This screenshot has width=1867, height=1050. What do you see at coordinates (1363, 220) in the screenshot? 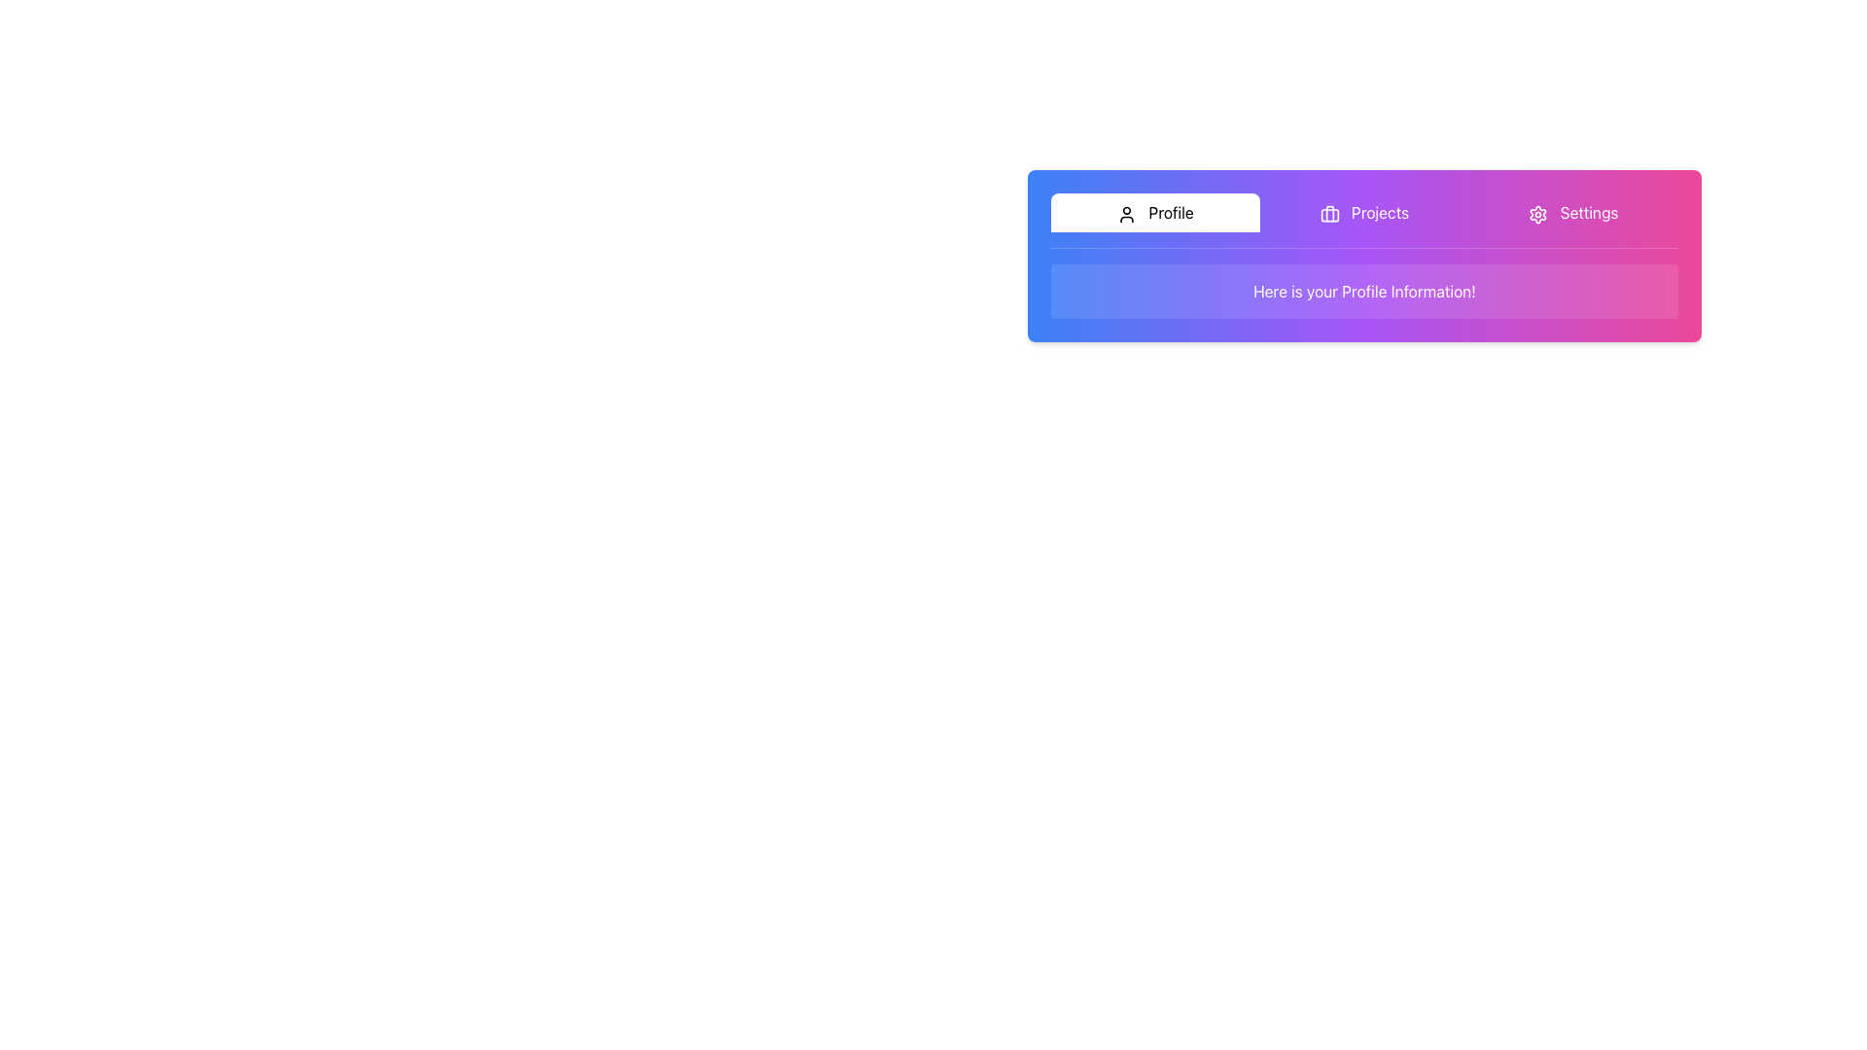
I see `the Navigation Menu at the top of the card, which contains the items 'Profile', 'Projects', and 'Settings'` at bounding box center [1363, 220].